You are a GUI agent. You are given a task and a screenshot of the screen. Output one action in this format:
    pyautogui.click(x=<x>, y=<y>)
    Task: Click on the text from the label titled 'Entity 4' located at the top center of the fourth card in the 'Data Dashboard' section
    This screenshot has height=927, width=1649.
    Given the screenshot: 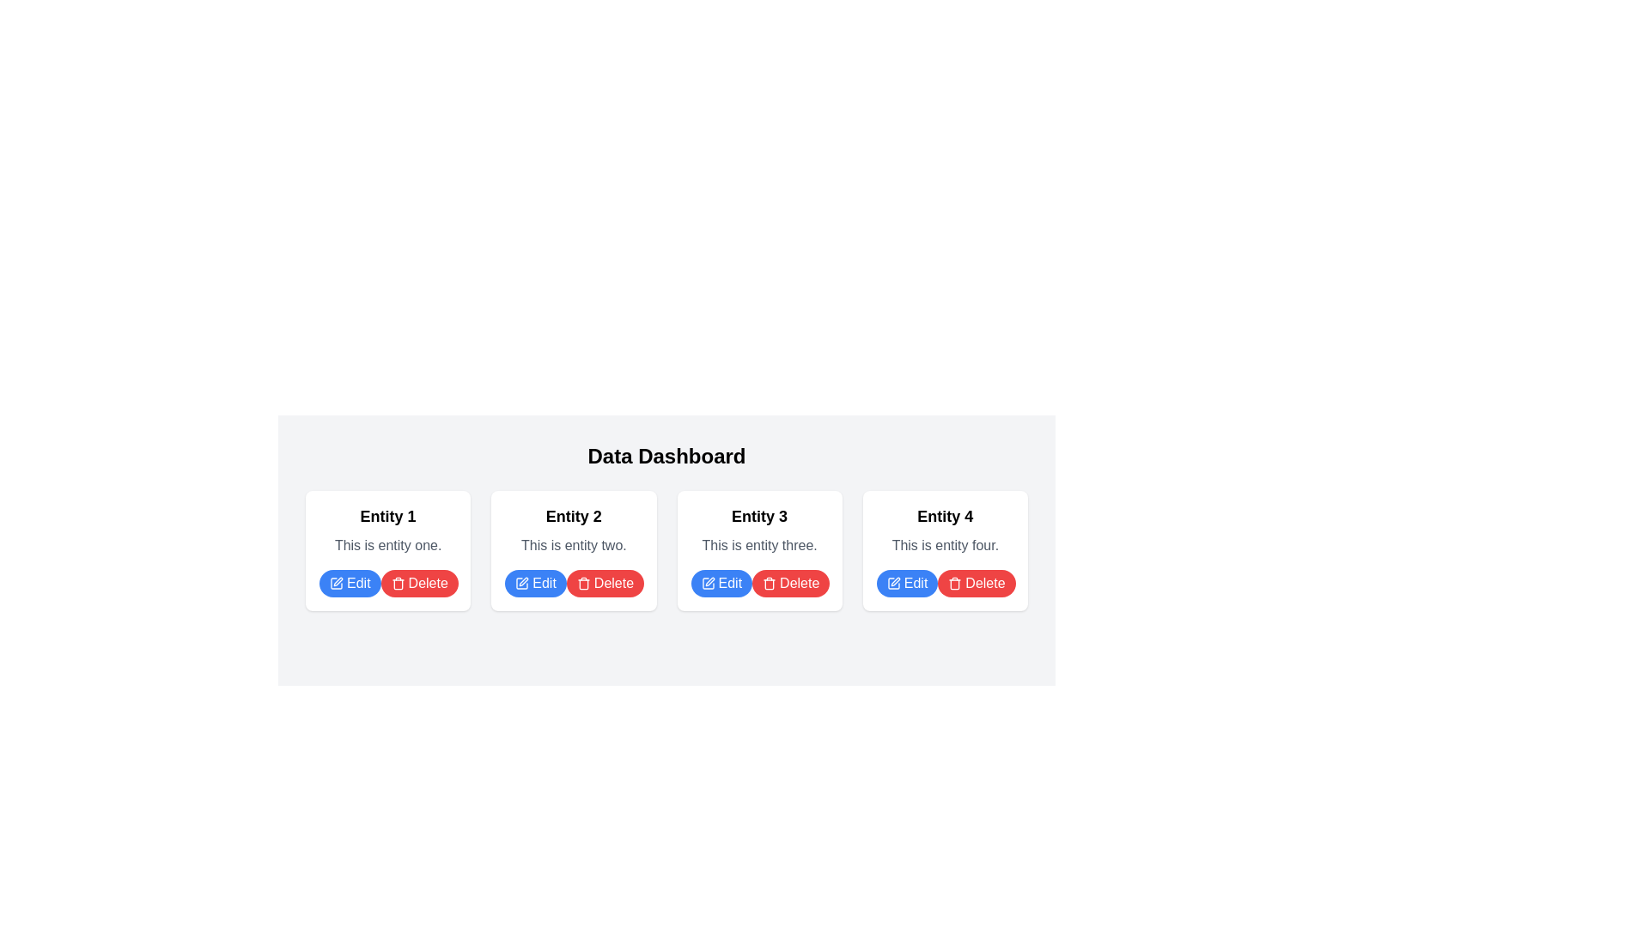 What is the action you would take?
    pyautogui.click(x=944, y=529)
    